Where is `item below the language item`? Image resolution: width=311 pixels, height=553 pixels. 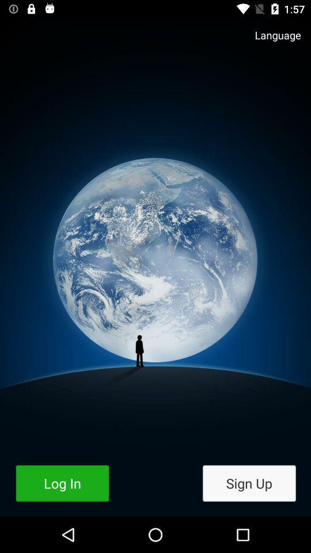
item below the language item is located at coordinates (248, 483).